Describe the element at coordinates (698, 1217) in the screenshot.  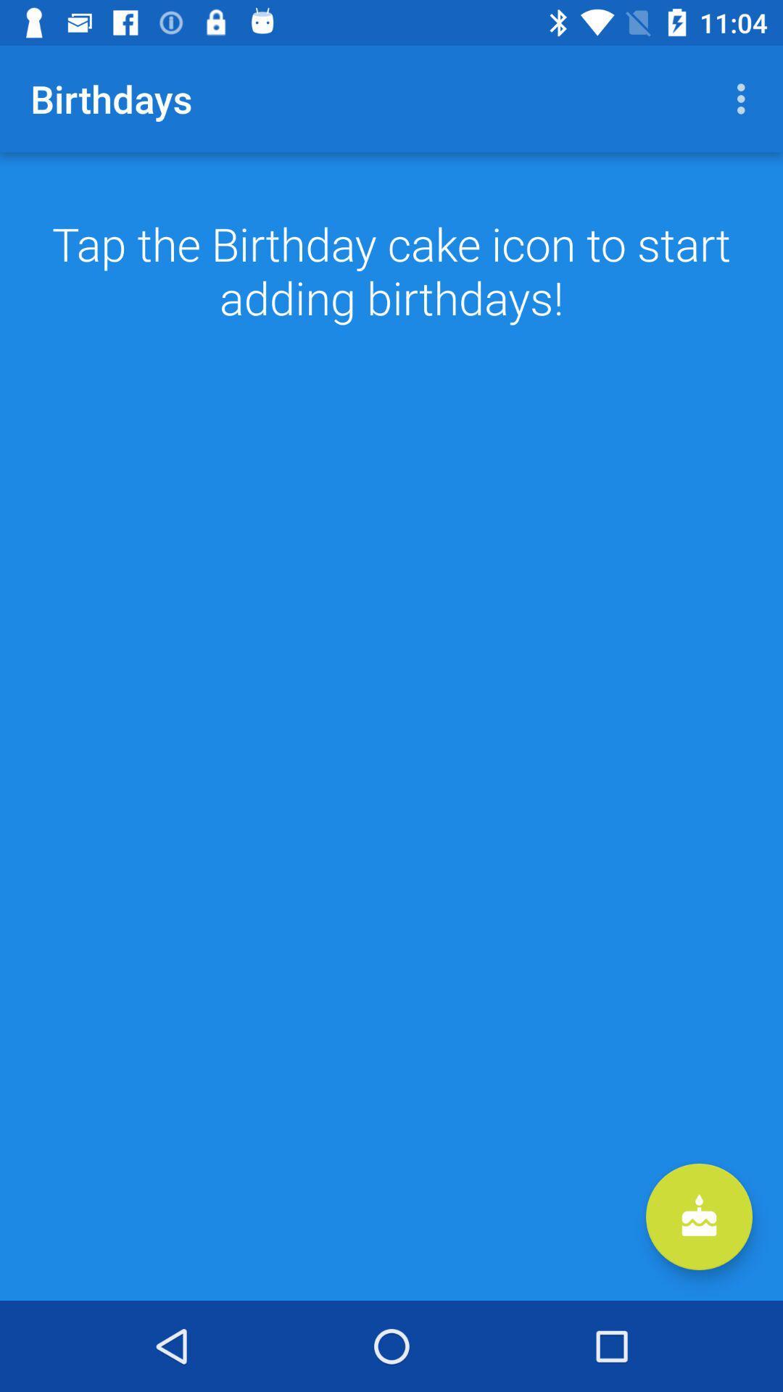
I see `icon below the tap the birthday icon` at that location.